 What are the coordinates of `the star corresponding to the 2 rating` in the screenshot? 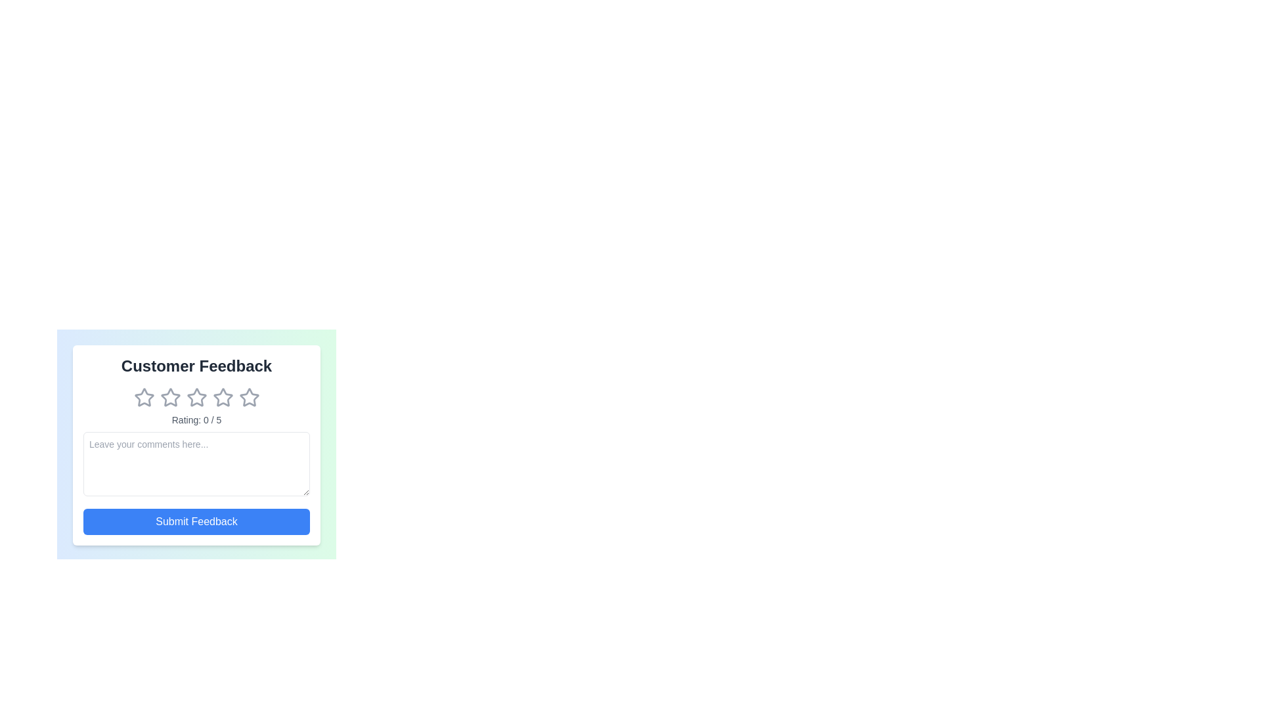 It's located at (169, 397).